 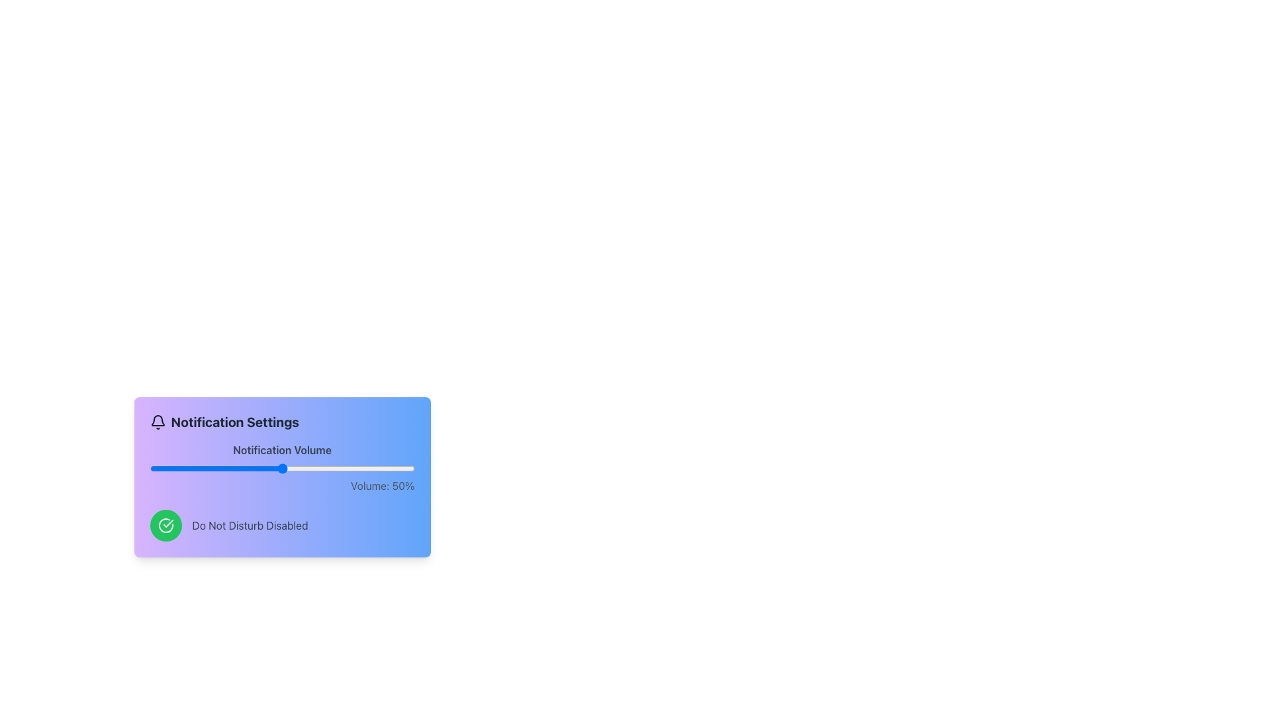 What do you see at coordinates (150, 468) in the screenshot?
I see `the notification volume` at bounding box center [150, 468].